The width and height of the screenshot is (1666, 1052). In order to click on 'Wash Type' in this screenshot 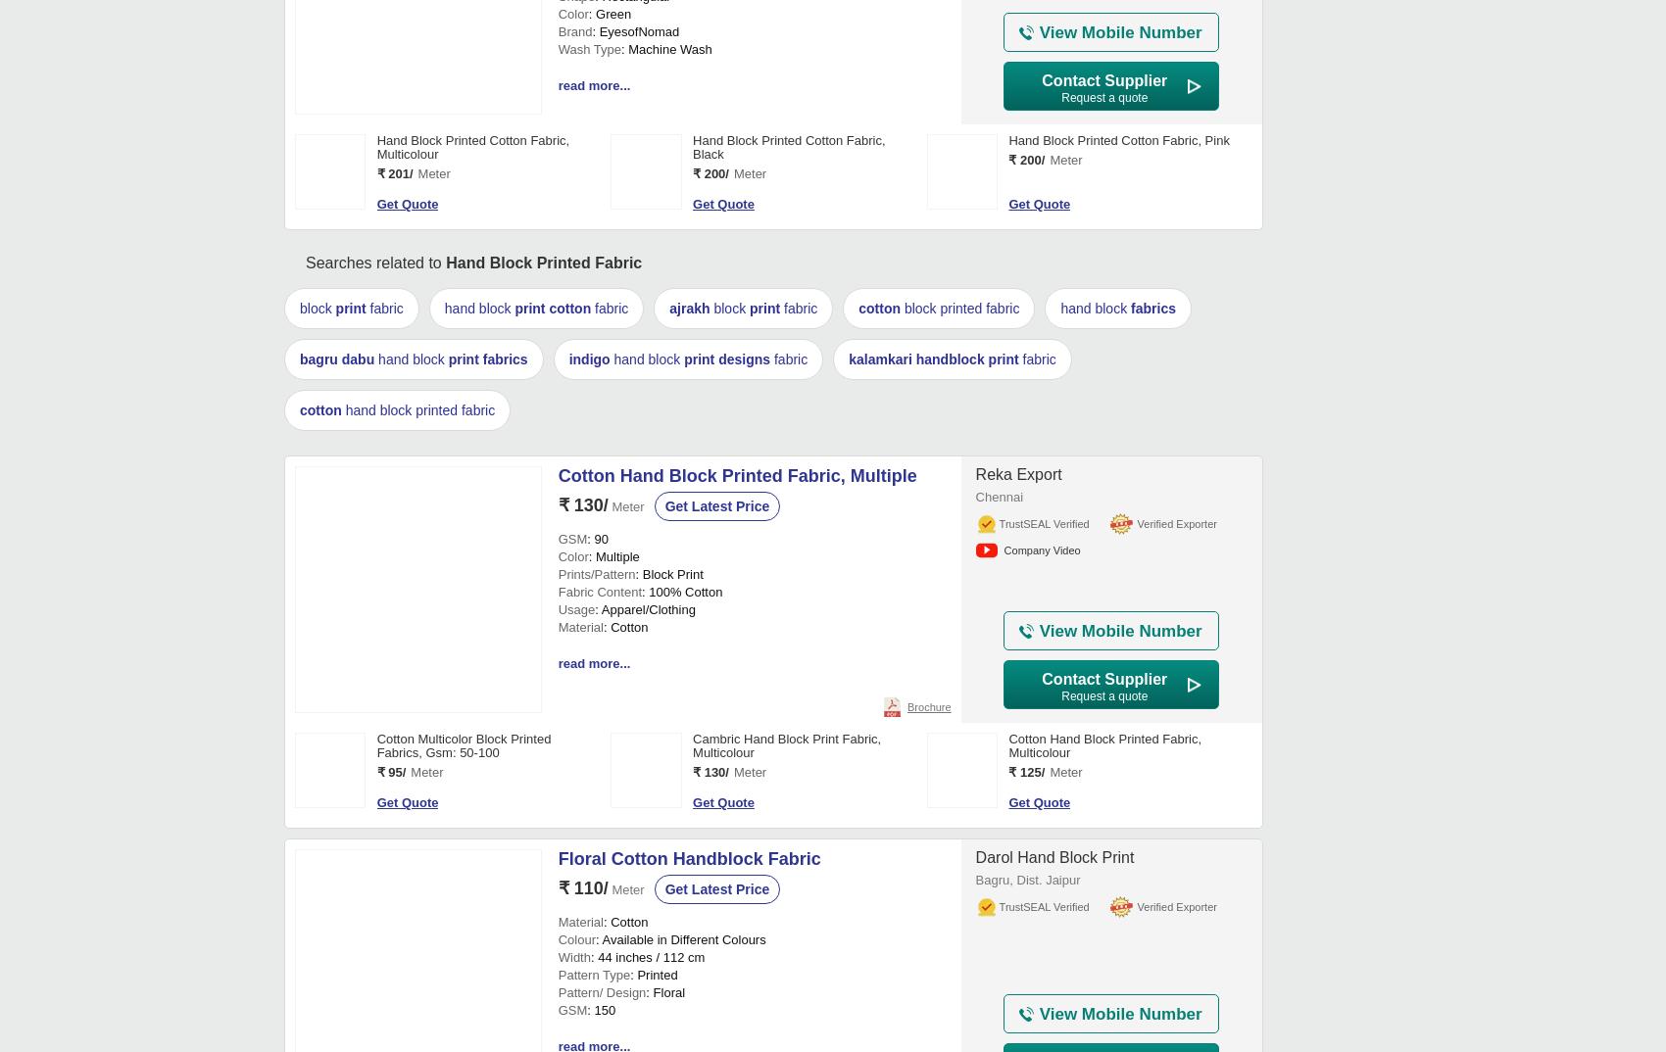, I will do `click(588, 648)`.